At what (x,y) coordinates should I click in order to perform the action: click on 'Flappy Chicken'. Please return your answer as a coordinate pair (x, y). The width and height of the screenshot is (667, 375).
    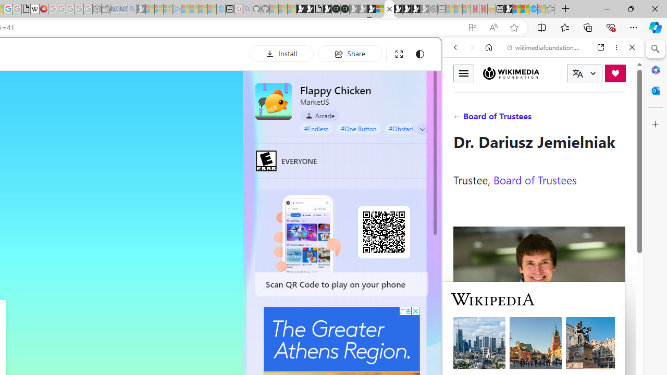
    Looking at the image, I should click on (274, 101).